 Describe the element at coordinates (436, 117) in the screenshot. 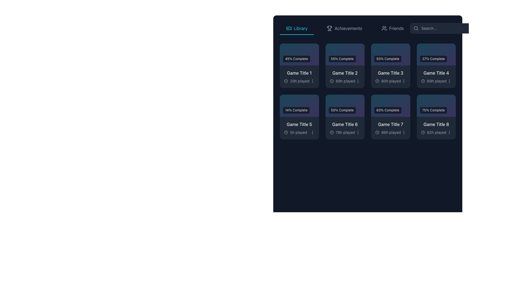

I see `the card displaying '75% Complete' with the title 'Game Title 8' and details '82h played', located at the bottom-right of the grid` at that location.